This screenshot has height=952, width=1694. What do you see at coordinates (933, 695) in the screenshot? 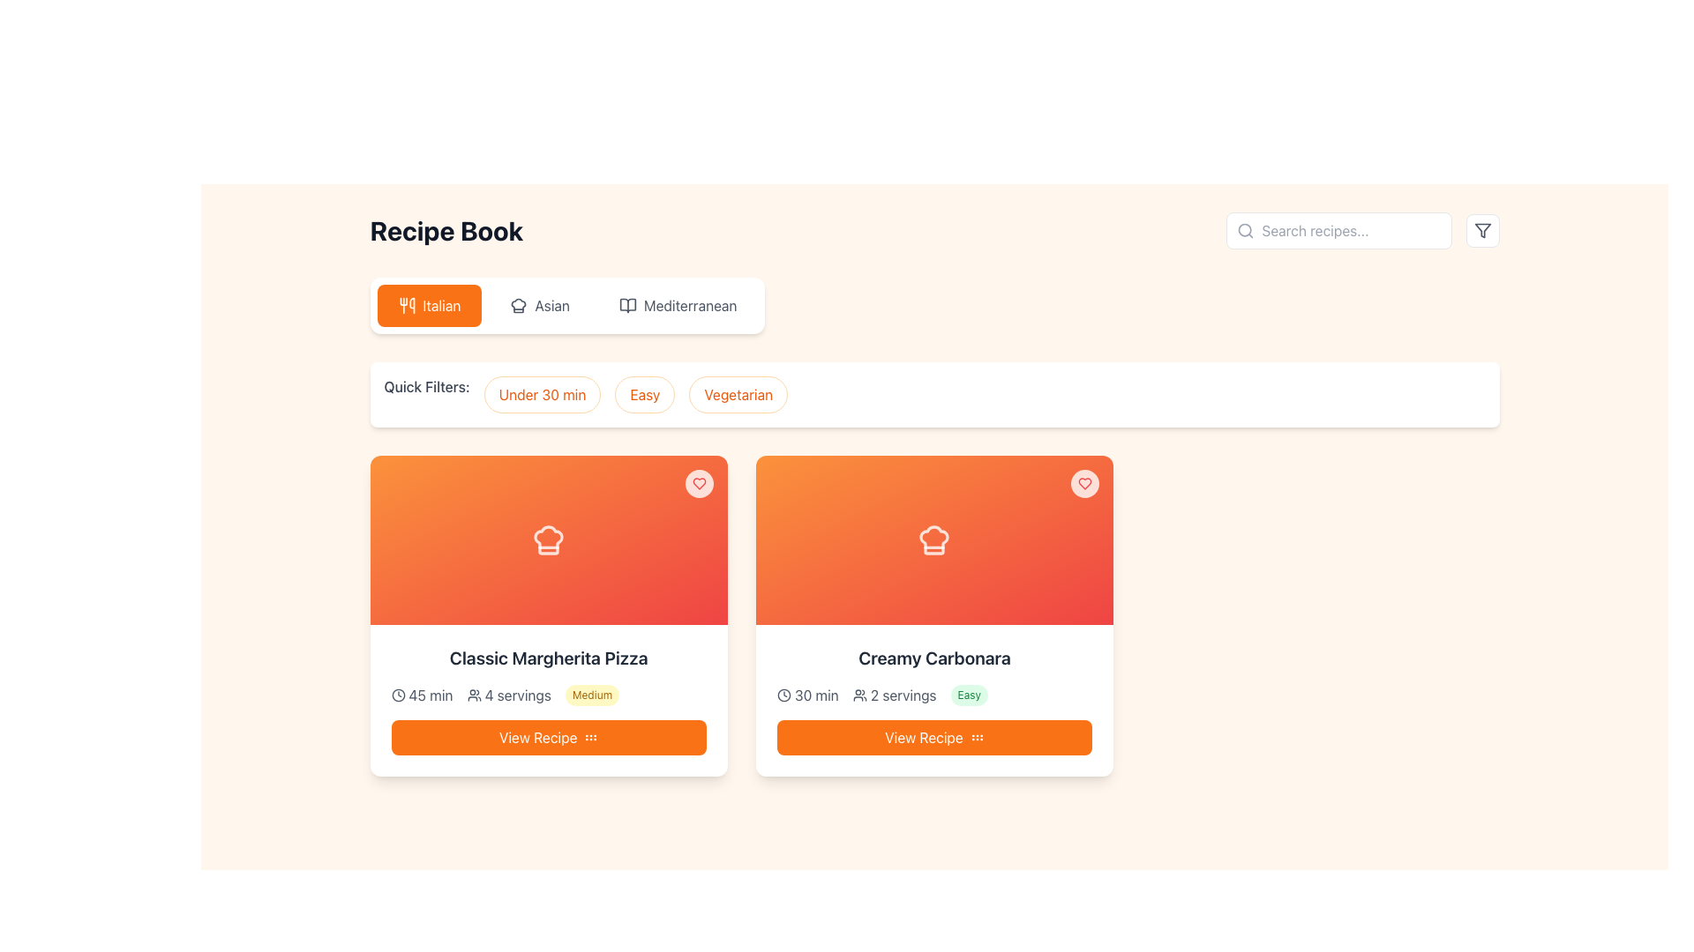
I see `the label group containing preparation time, servings, and difficulty level for the recipe 'Creamy Carbonara', located below the title and above the 'View Recipe' button` at bounding box center [933, 695].